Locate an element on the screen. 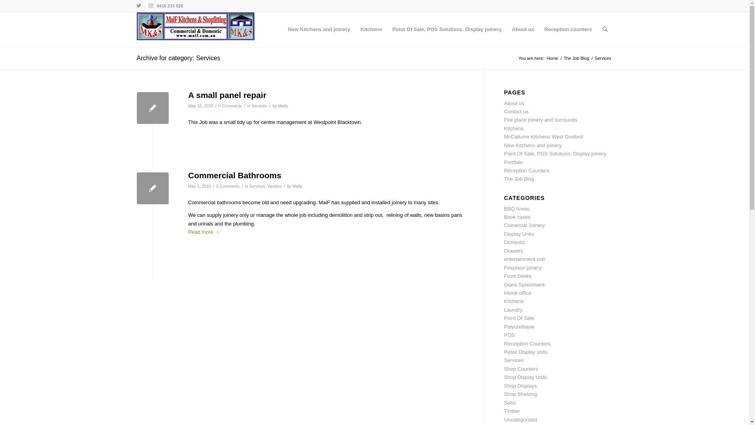 This screenshot has width=755, height=425. 'Kitchens' is located at coordinates (355, 29).